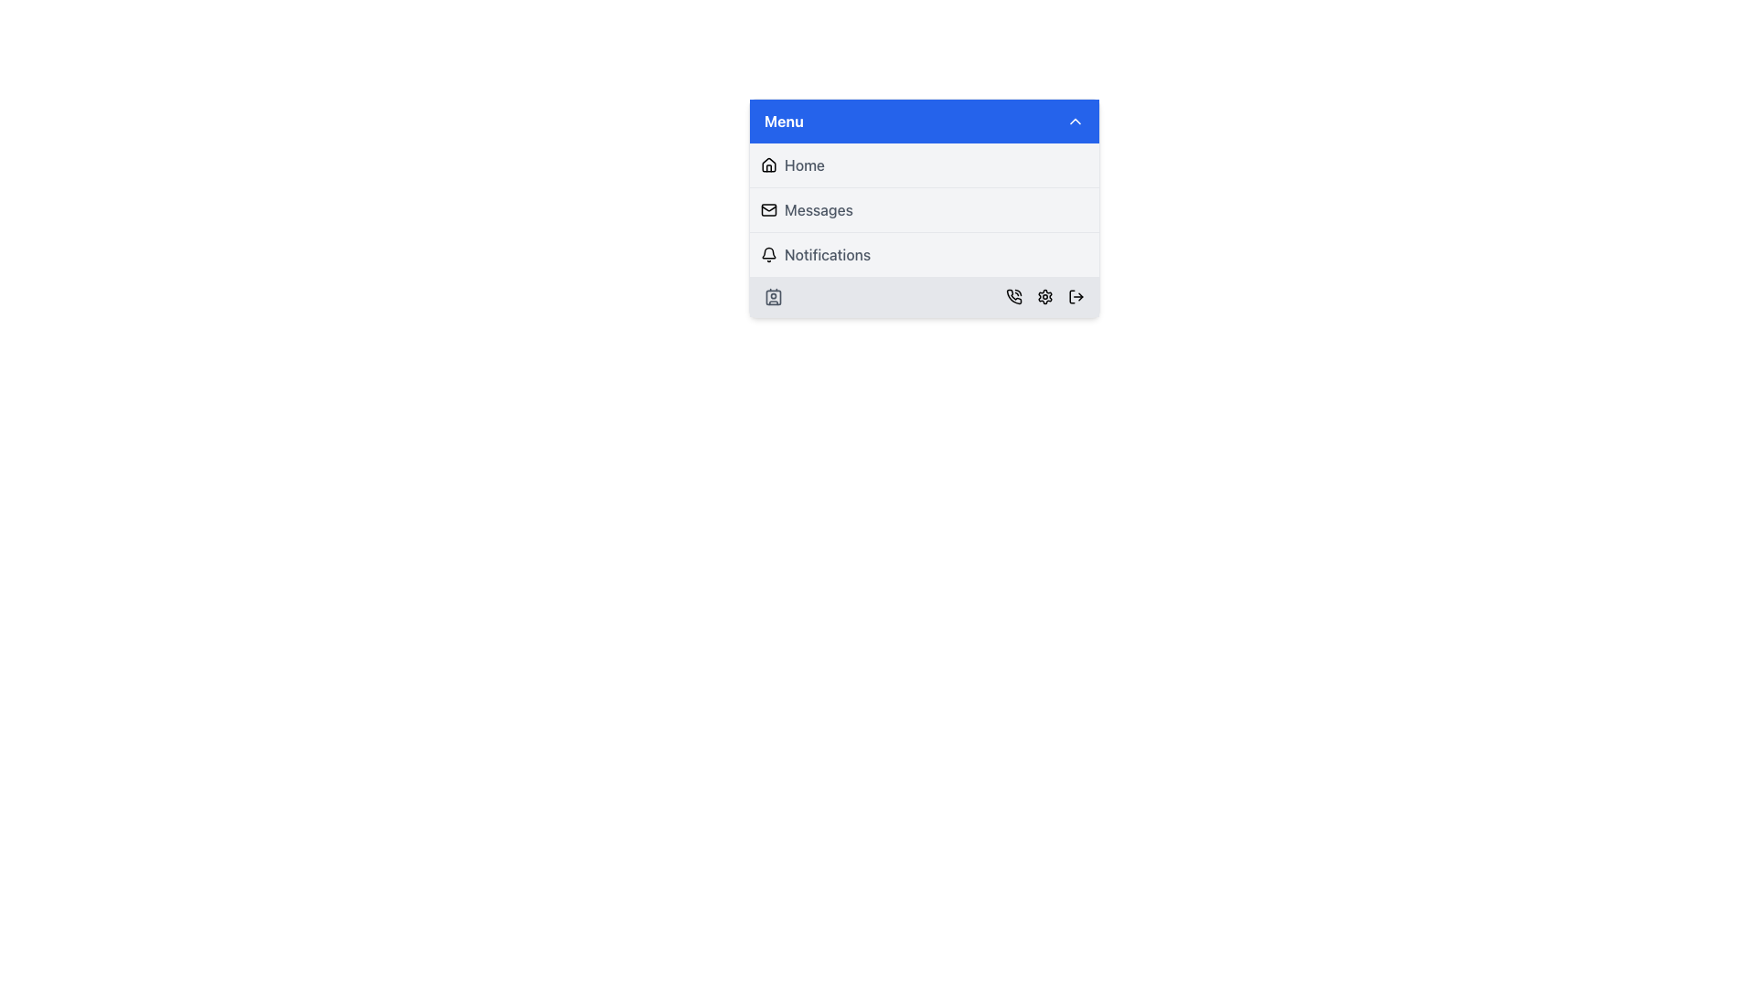 This screenshot has height=987, width=1756. Describe the element at coordinates (1012, 295) in the screenshot. I see `the first icon in the horizontal set of three icons located at the bottom of the menu panel, which likely initiates or indicates a call-related action` at that location.